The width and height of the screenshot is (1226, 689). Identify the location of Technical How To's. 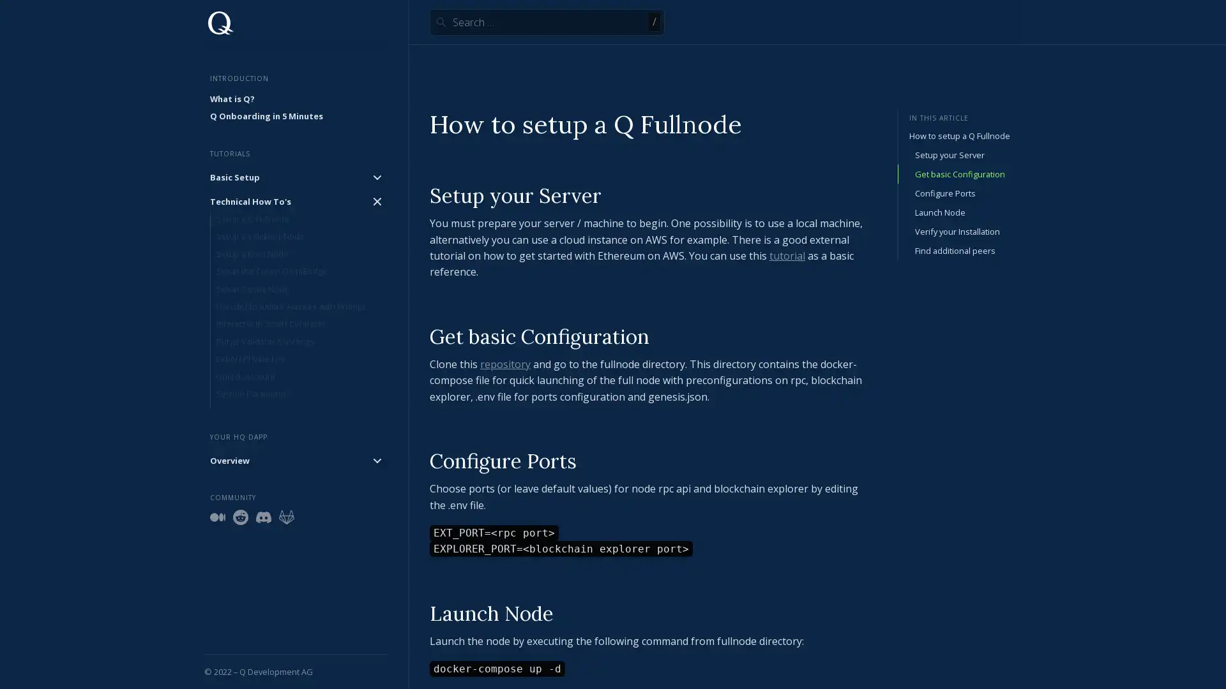
(296, 201).